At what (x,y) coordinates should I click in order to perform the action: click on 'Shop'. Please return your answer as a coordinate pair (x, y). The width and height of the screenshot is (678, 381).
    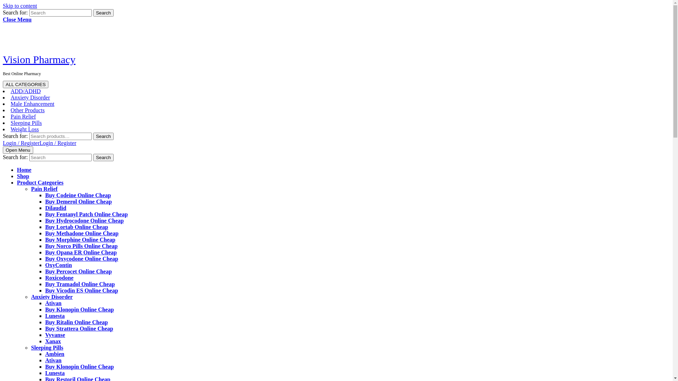
    Looking at the image, I should click on (23, 176).